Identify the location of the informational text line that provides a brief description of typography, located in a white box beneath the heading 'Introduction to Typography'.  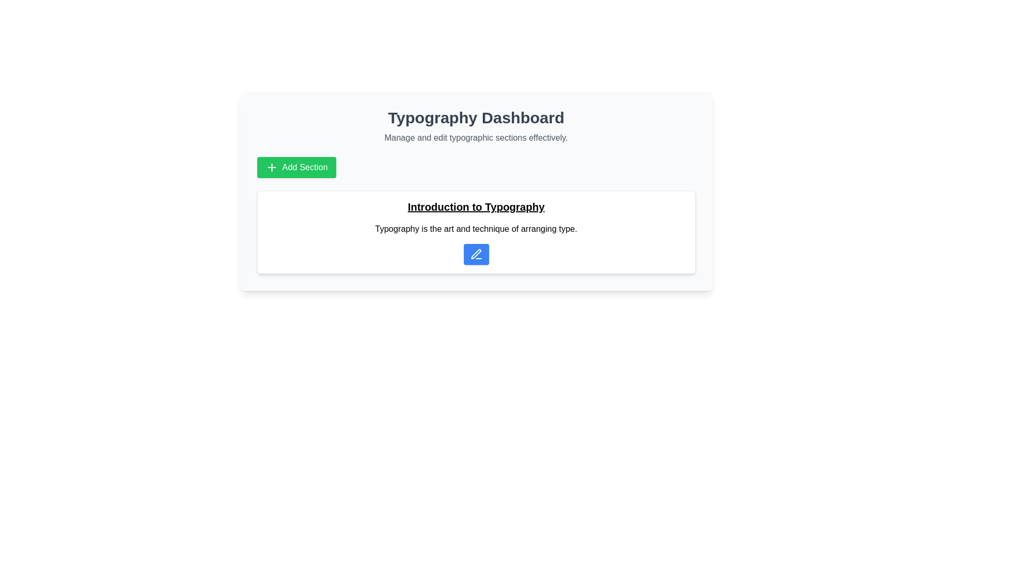
(475, 229).